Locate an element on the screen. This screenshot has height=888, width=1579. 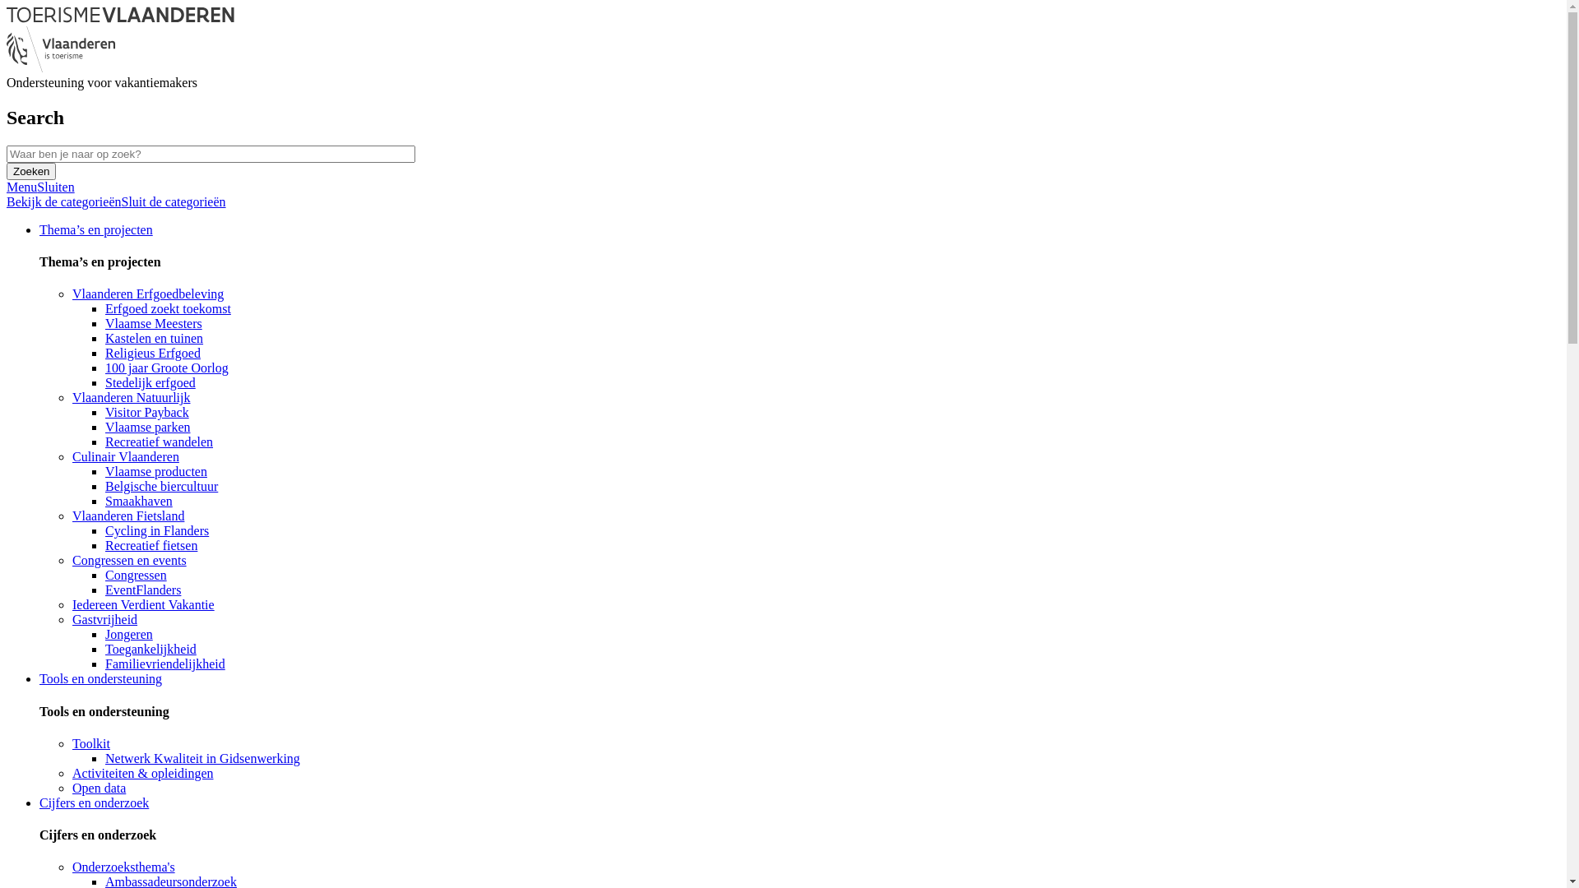
'Vlaanderen Erfgoedbeleving' is located at coordinates (148, 293).